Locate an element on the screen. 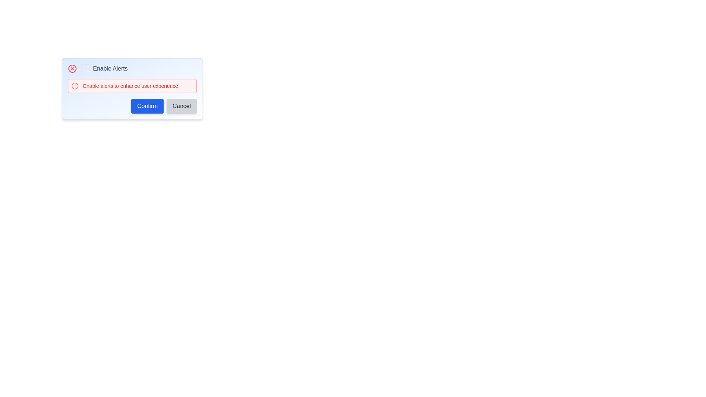  the main circular part of the SVG icon that serves as a visual indicator next to the message 'Enable alerts to enhance your experience.' is located at coordinates (75, 86).